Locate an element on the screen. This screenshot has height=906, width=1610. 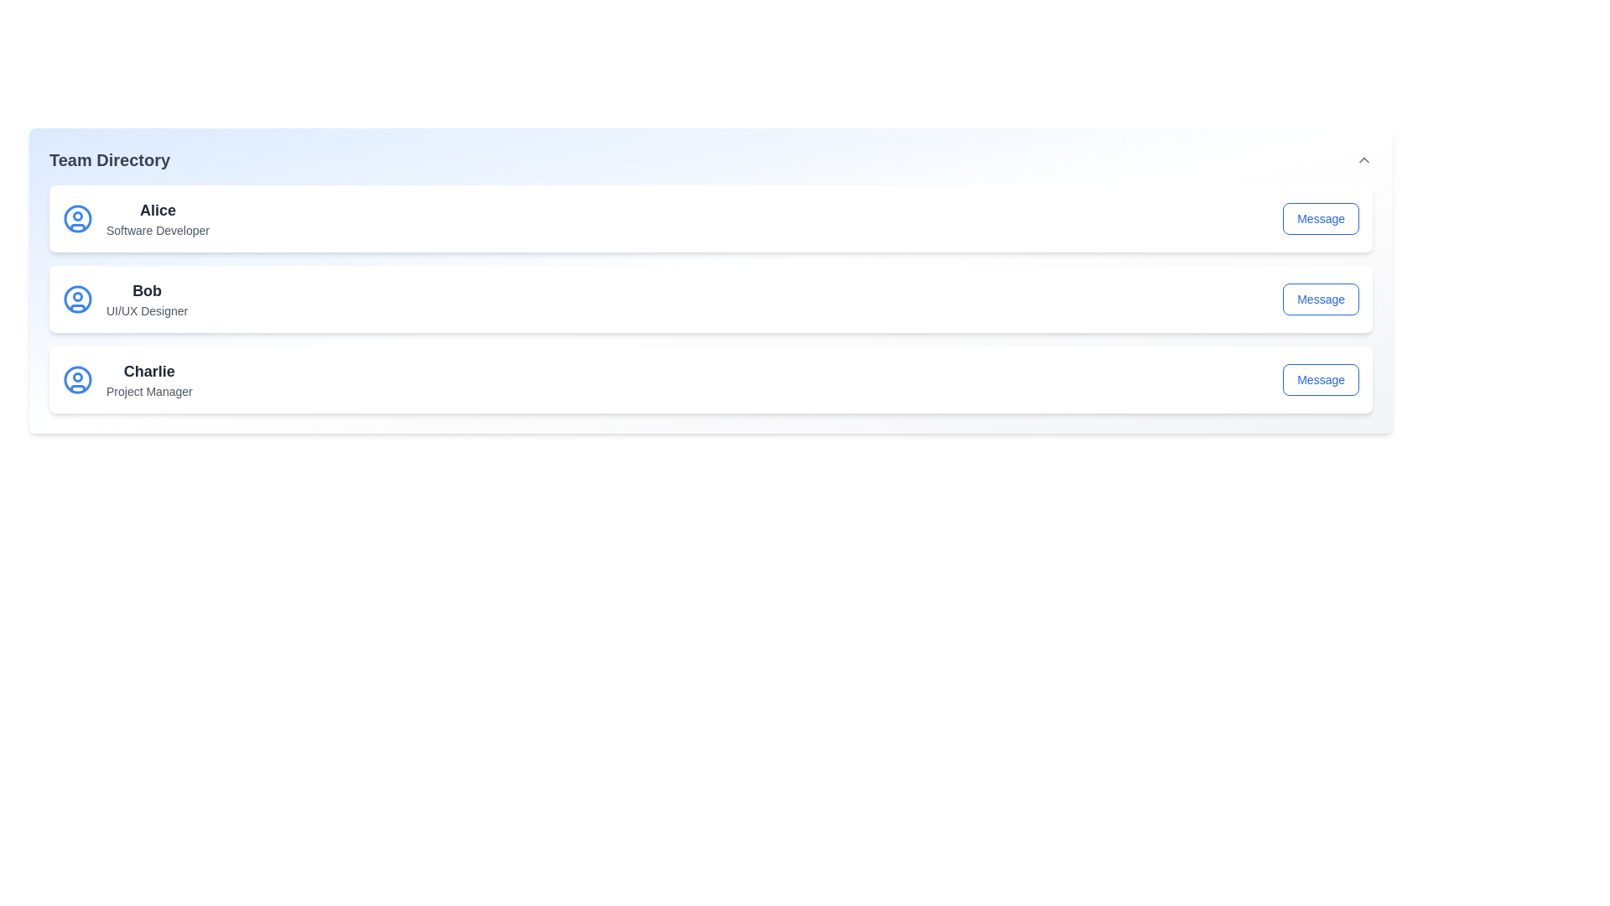
the user icon represented by a blue circular design with a head and shoulders, located to the left of the text 'Bob UI/UX Designer' is located at coordinates (76, 299).